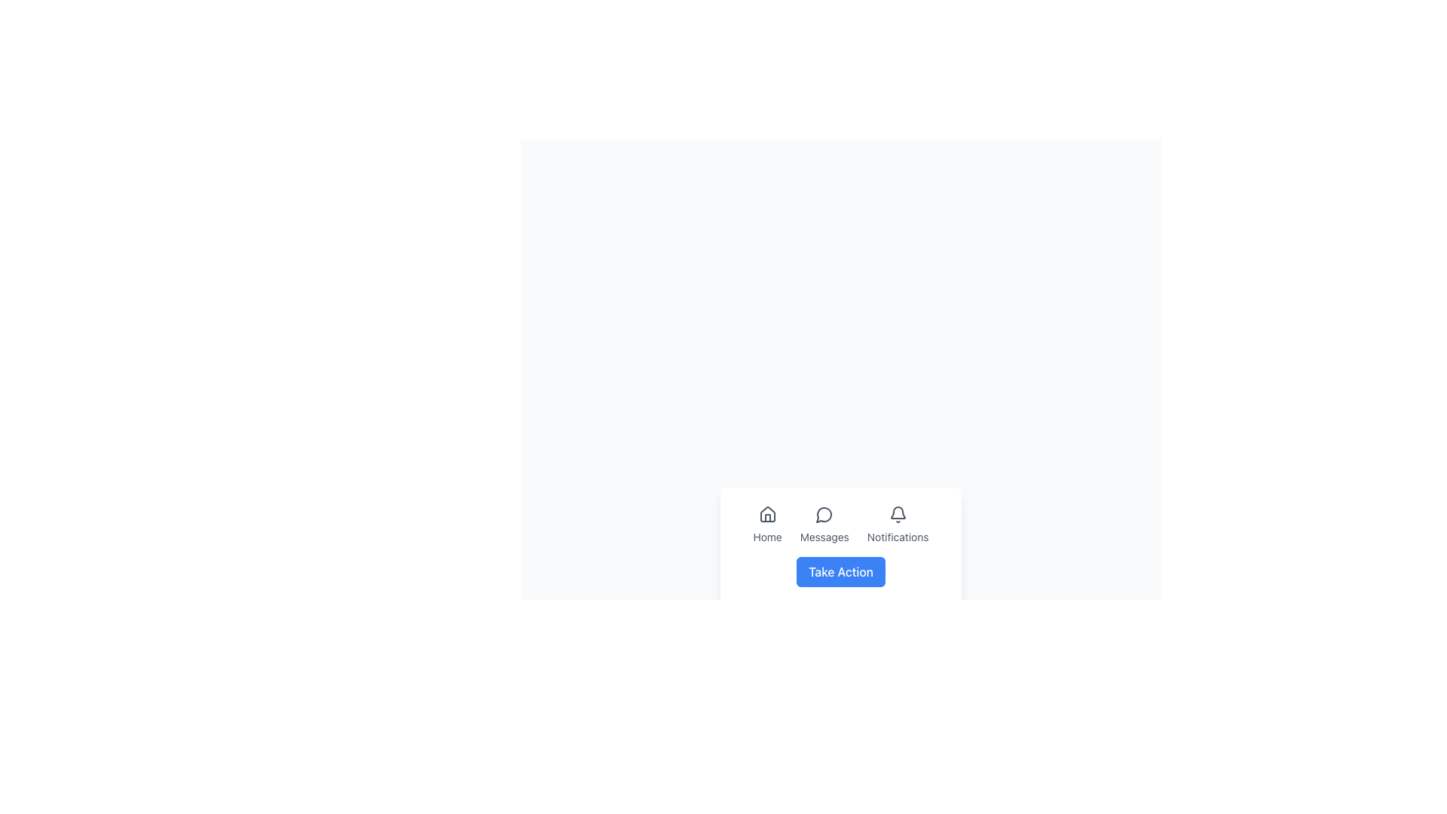  Describe the element at coordinates (898, 513) in the screenshot. I see `the bell icon, which serves as a visual indicator for the 'Notifications' menu` at that location.